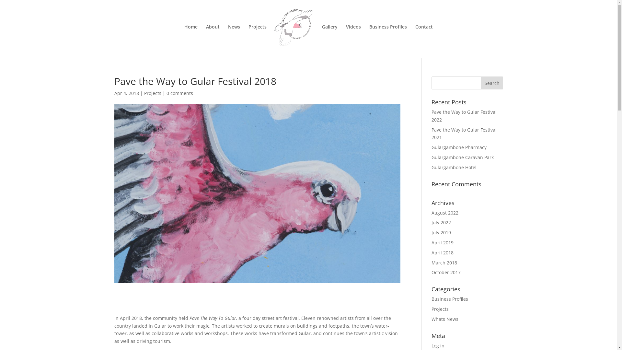 The image size is (622, 350). What do you see at coordinates (431, 222) in the screenshot?
I see `'July 2022'` at bounding box center [431, 222].